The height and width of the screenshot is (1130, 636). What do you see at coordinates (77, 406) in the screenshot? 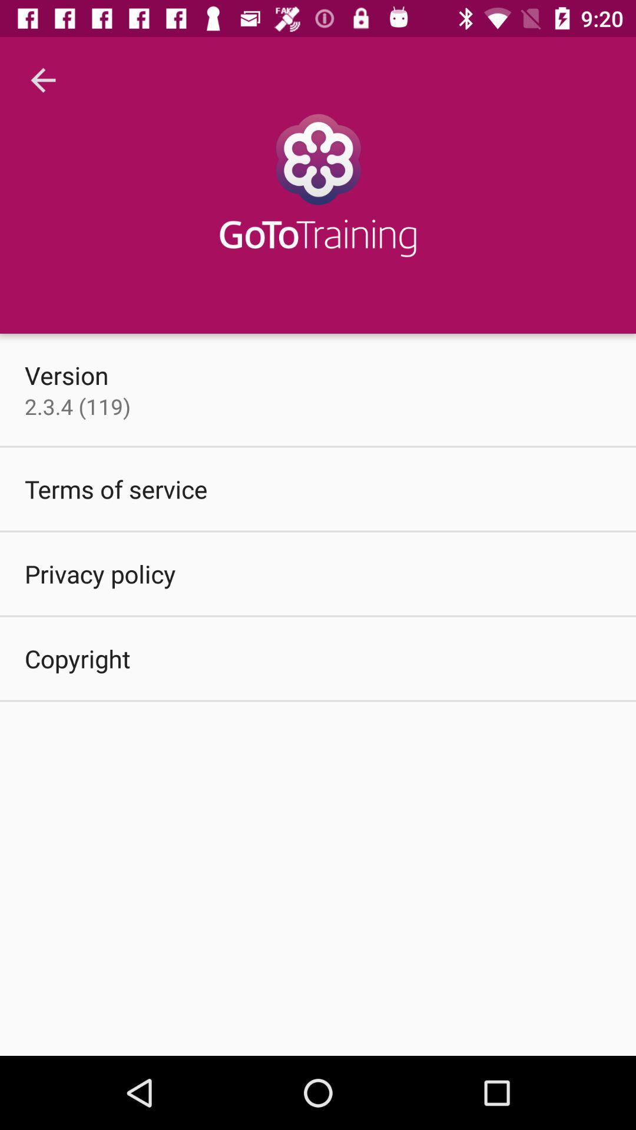
I see `2 3 4 icon` at bounding box center [77, 406].